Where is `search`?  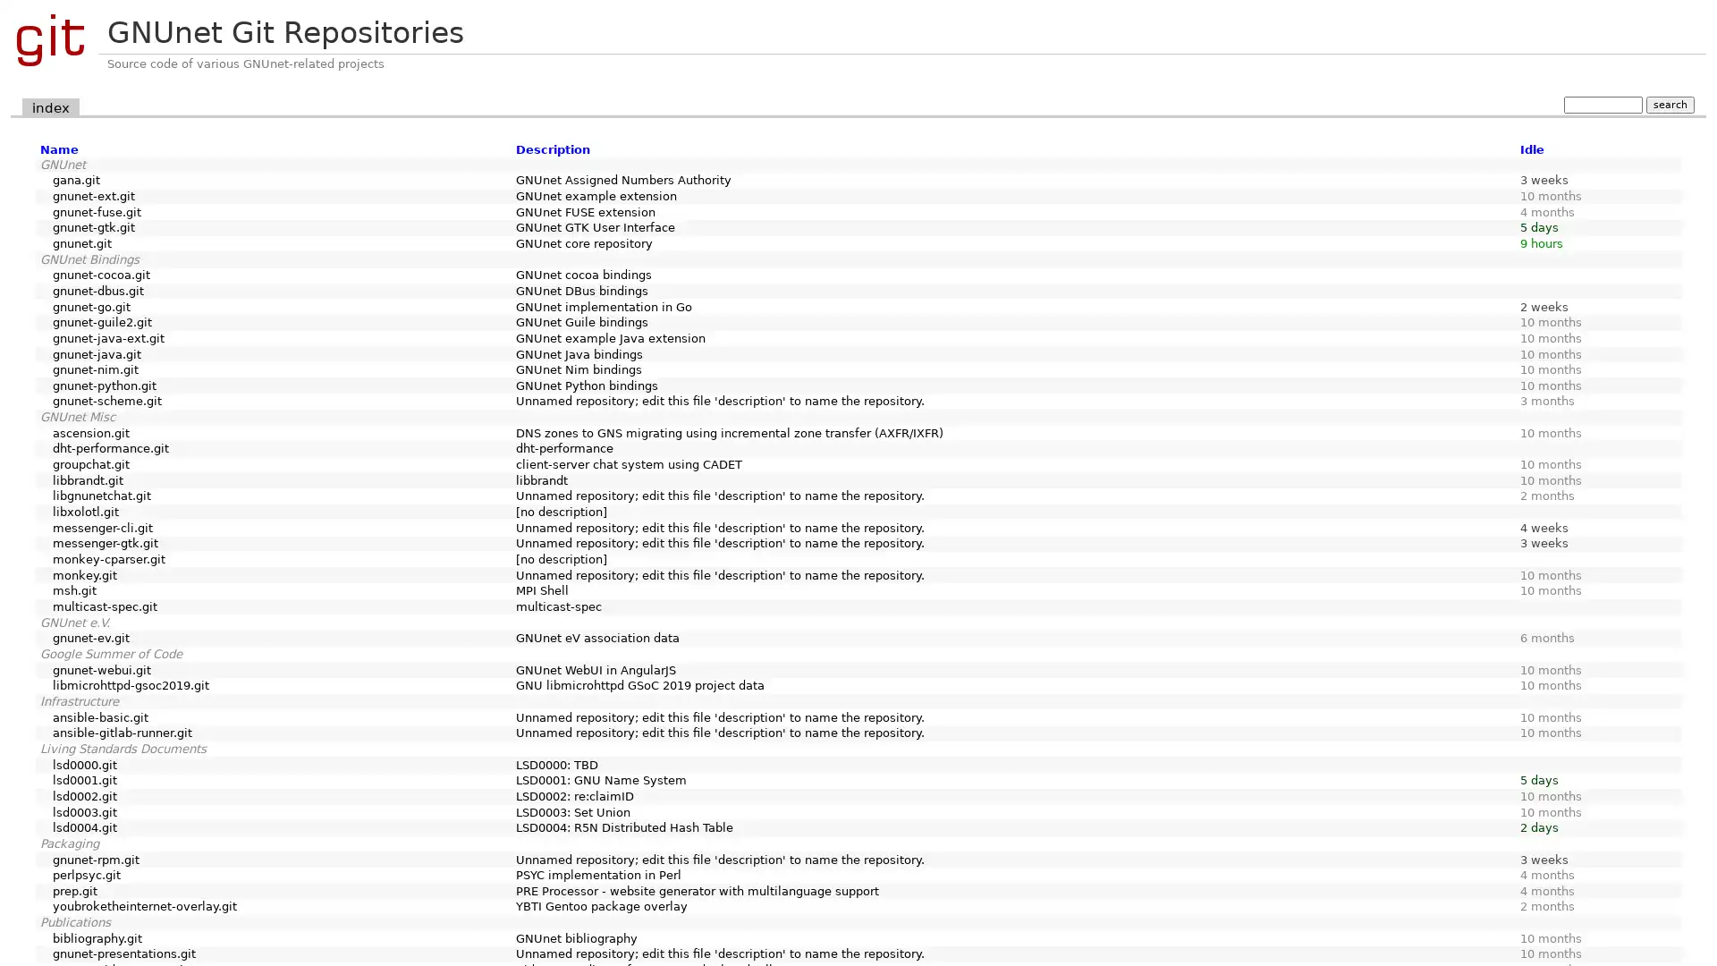 search is located at coordinates (1669, 104).